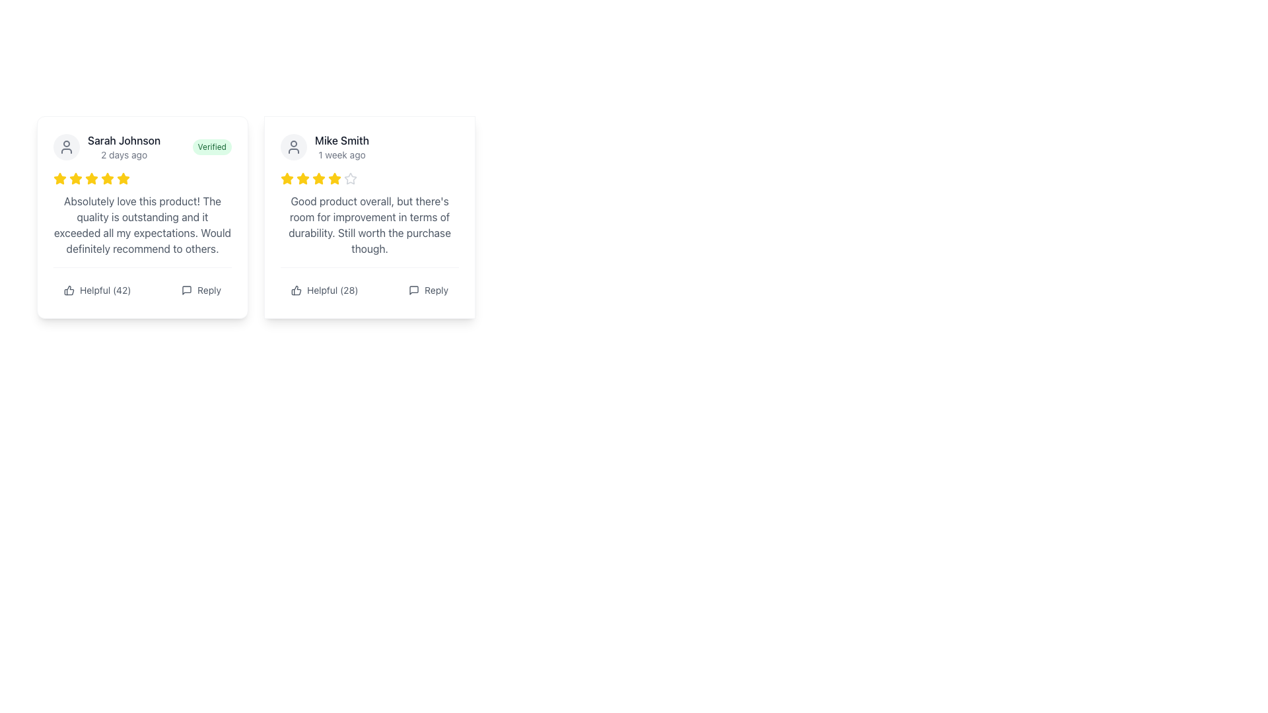 The width and height of the screenshot is (1268, 713). Describe the element at coordinates (108, 178) in the screenshot. I see `the third yellow star icon in the review card of 'Sarah Johnson'` at that location.